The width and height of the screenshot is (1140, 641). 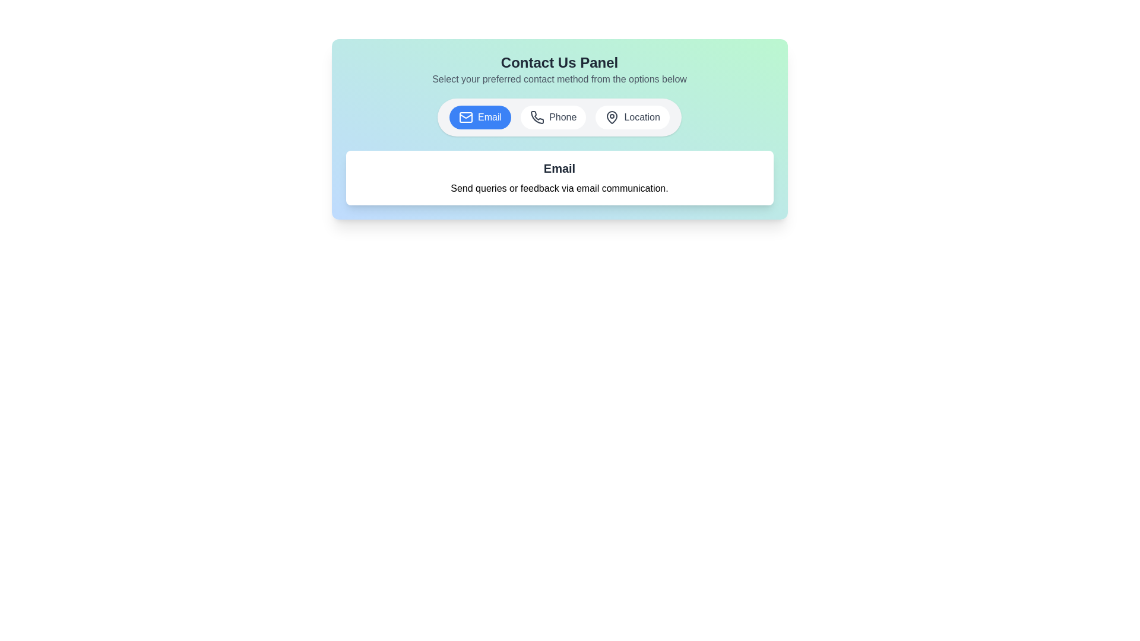 I want to click on the phone receiver icon, which is the second option labeled 'Phone' in a horizontal layout of choices: 'Email', 'Phone', and 'Location', so click(x=537, y=117).